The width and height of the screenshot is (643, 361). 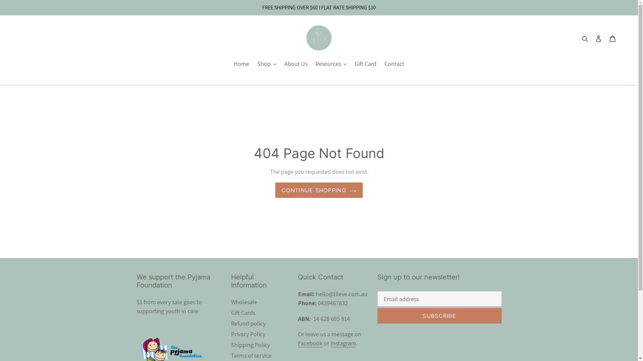 What do you see at coordinates (579, 38) in the screenshot?
I see `'Search'` at bounding box center [579, 38].